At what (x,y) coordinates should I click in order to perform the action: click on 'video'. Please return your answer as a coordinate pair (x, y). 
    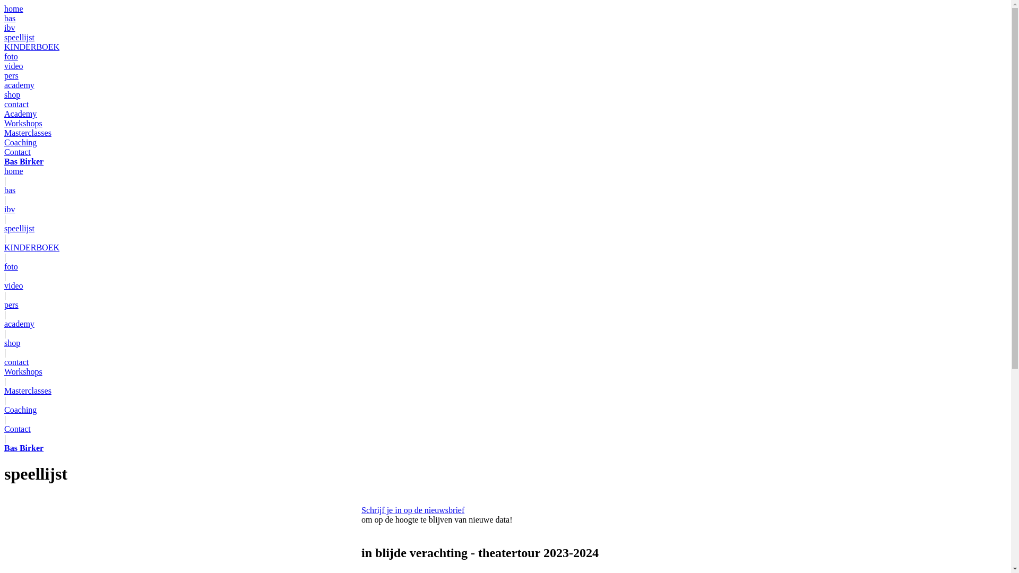
    Looking at the image, I should click on (13, 285).